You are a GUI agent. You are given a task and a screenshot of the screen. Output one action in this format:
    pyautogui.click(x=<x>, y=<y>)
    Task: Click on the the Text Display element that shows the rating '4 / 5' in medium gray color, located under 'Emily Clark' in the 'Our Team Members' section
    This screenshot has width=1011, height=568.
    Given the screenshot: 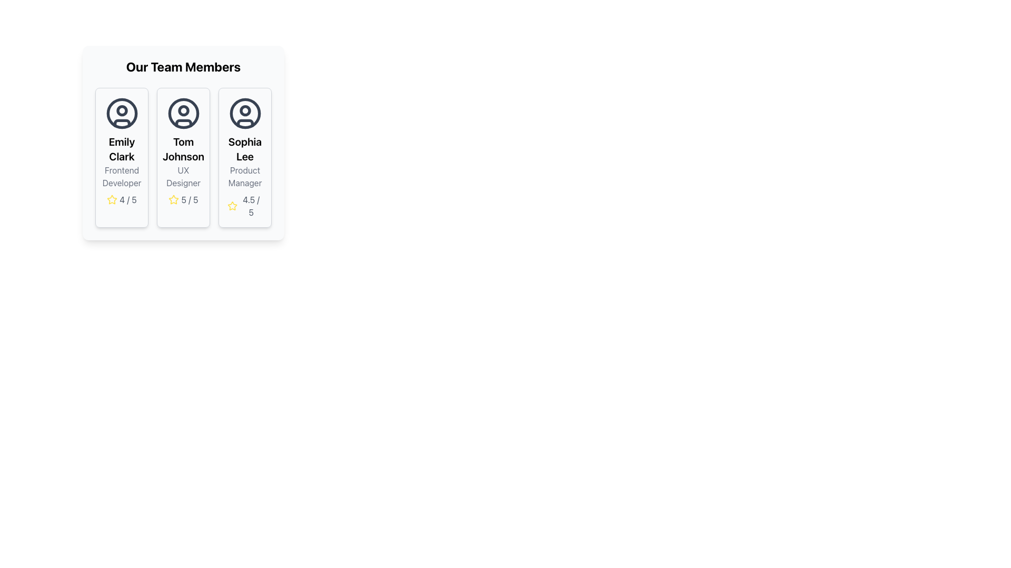 What is the action you would take?
    pyautogui.click(x=127, y=200)
    